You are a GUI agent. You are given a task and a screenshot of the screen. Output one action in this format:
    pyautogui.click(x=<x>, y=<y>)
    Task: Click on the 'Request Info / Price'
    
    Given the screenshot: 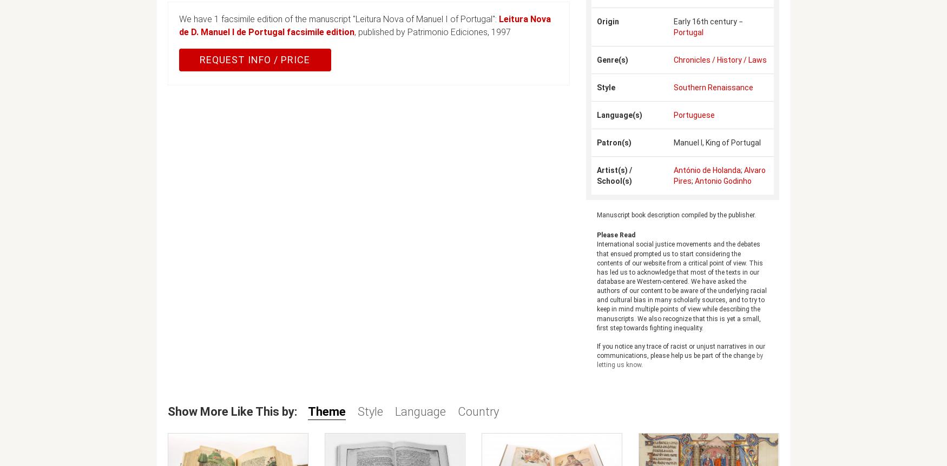 What is the action you would take?
    pyautogui.click(x=254, y=59)
    